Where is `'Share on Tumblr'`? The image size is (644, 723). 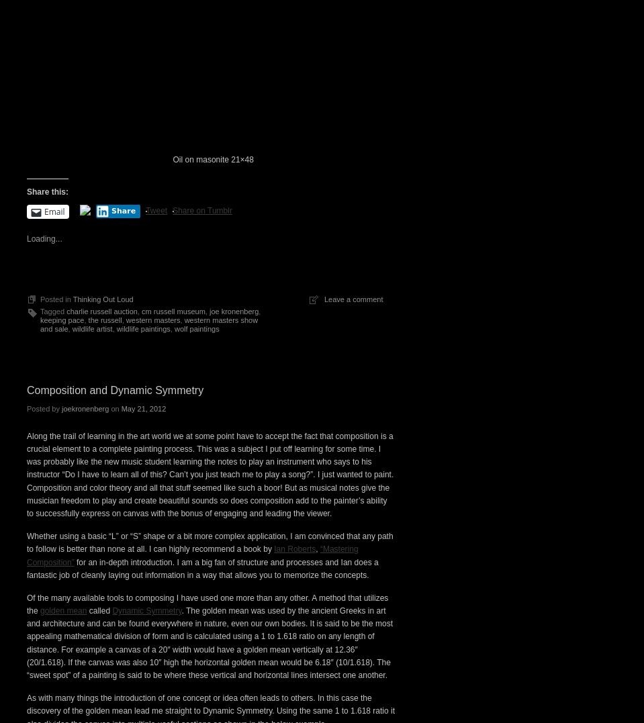
'Share on Tumblr' is located at coordinates (201, 443).